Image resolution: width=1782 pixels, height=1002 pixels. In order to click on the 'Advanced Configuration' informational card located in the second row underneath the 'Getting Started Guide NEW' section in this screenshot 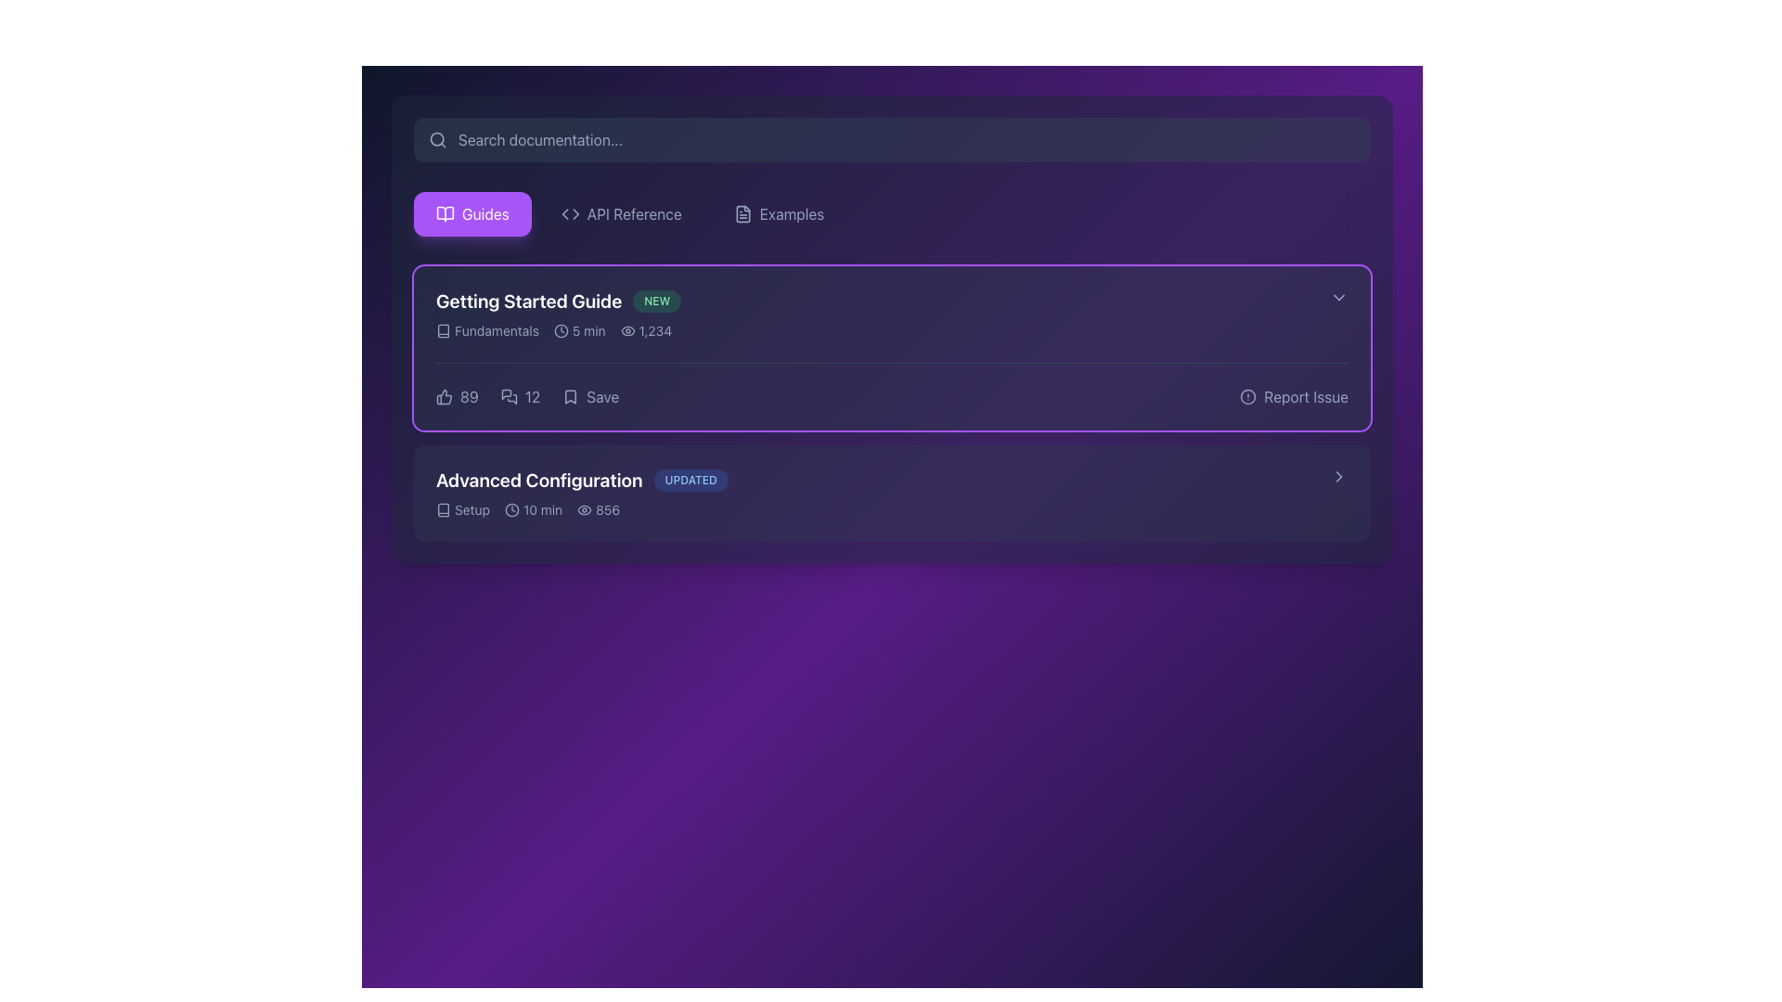, I will do `click(882, 493)`.